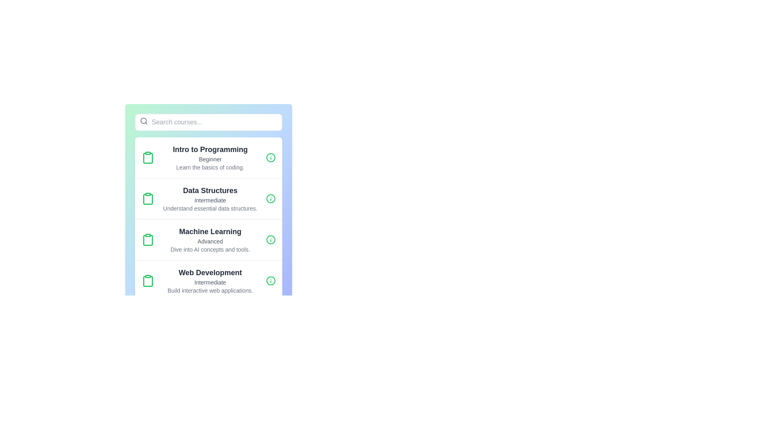 This screenshot has height=439, width=781. Describe the element at coordinates (144, 121) in the screenshot. I see `the appearance of the SVG circle element that represents the lens of the magnifying glass icon, located near the top-left of the search bar` at that location.